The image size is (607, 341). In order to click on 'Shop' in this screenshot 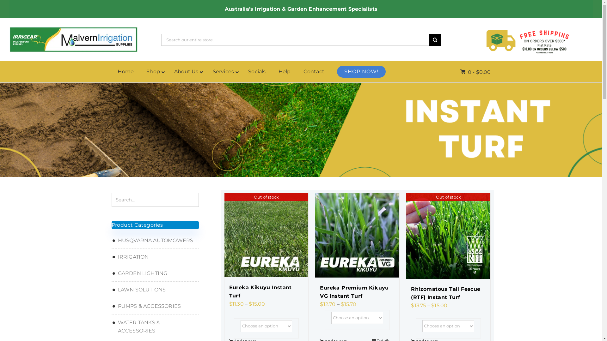, I will do `click(154, 71)`.